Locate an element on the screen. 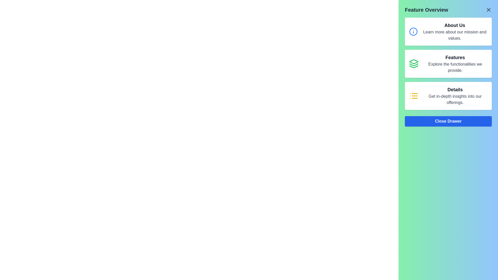 The height and width of the screenshot is (280, 498). the yellow icon resembling a list with three horizontal lines and dots, located to the left of the 'Details' section in the third cell of the vertically arranged list is located at coordinates (413, 96).